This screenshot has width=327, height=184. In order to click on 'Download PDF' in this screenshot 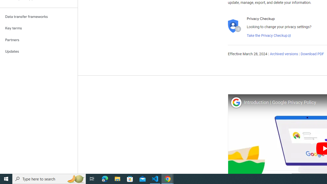, I will do `click(312, 54)`.